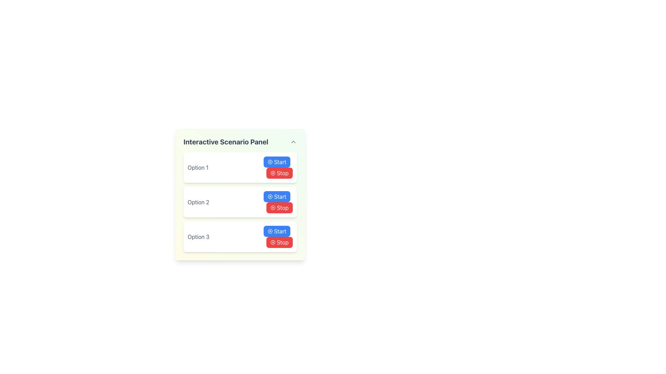 The image size is (666, 374). I want to click on the Text Label that serves as an identifier for the associated row, located in the topmost row of a vertically stacked list of three containers, adjacent to the 'Start' and 'Stop' buttons, so click(198, 167).